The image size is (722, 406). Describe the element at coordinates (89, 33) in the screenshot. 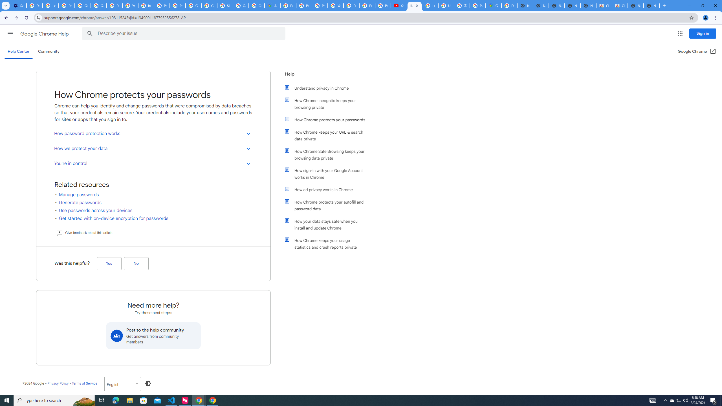

I see `'Search Help Center'` at that location.